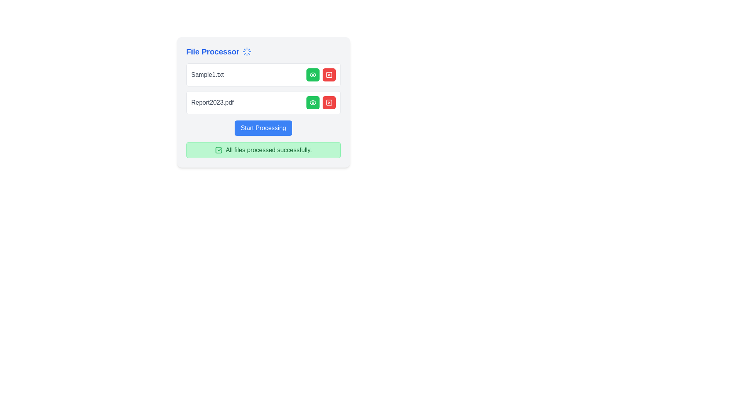 The width and height of the screenshot is (741, 417). What do you see at coordinates (218, 150) in the screenshot?
I see `the checkmark icon indicating confirmation status, which is located inside the light green banner at the bottom of the interface, preceding the text 'All files processed successfully.'` at bounding box center [218, 150].